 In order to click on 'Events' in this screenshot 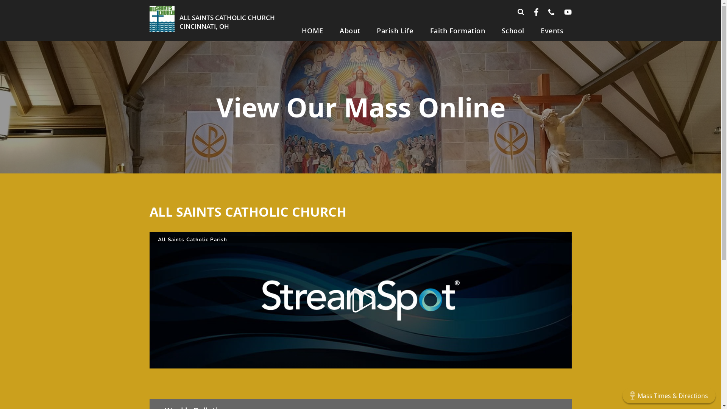, I will do `click(532, 30)`.